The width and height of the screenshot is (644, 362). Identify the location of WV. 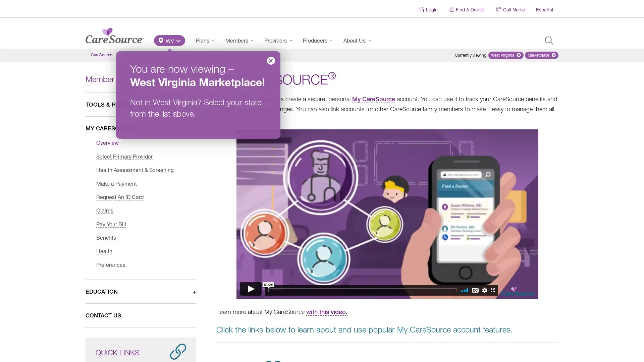
(169, 40).